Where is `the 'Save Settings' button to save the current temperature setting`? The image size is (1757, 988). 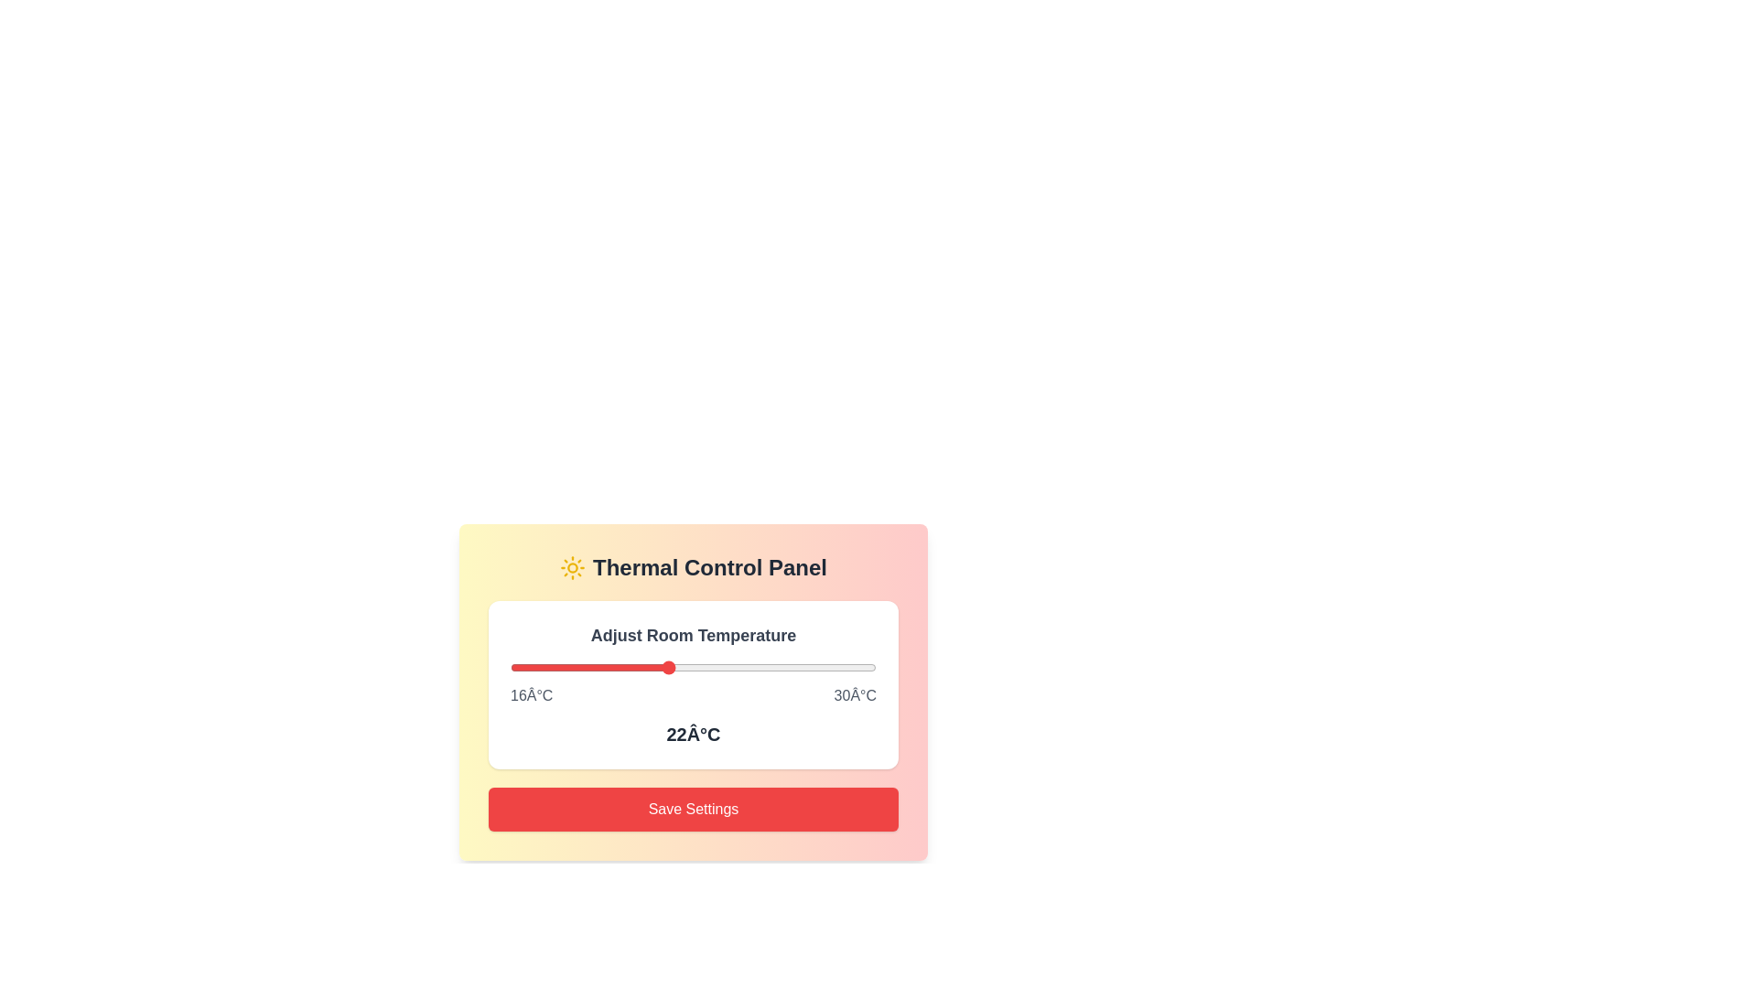
the 'Save Settings' button to save the current temperature setting is located at coordinates (693, 808).